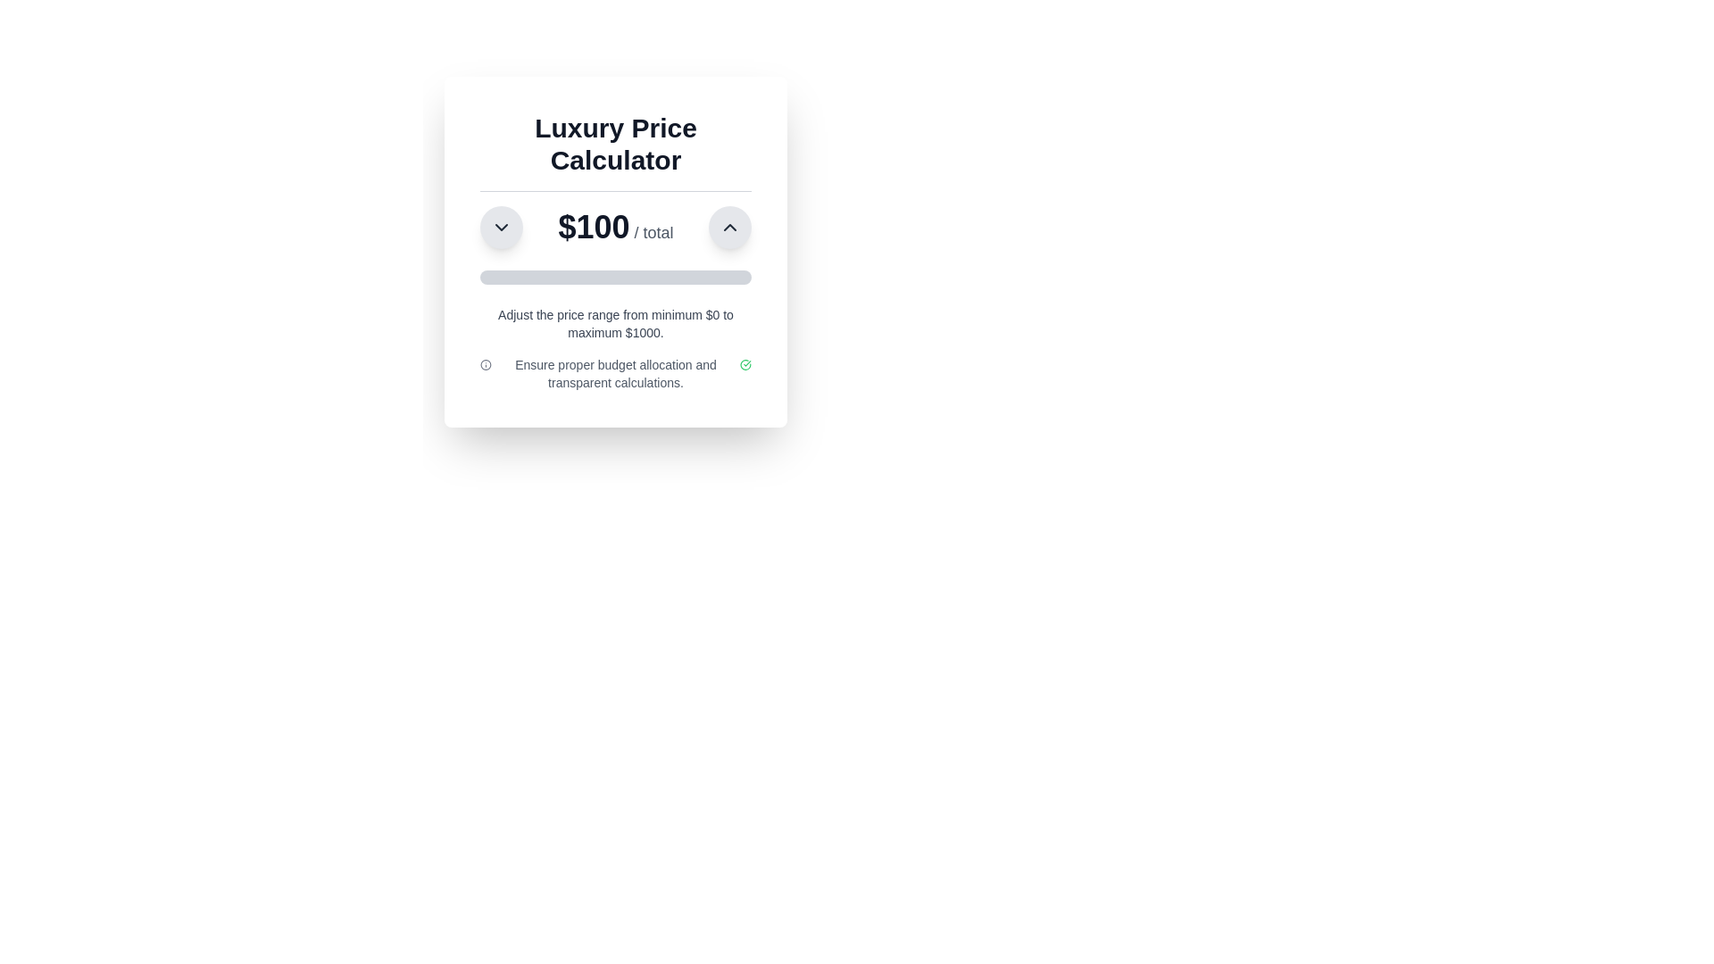 The height and width of the screenshot is (964, 1714). I want to click on the small circular button with a gray background and an upward-pointing chevron icon to trigger a value change, so click(729, 226).